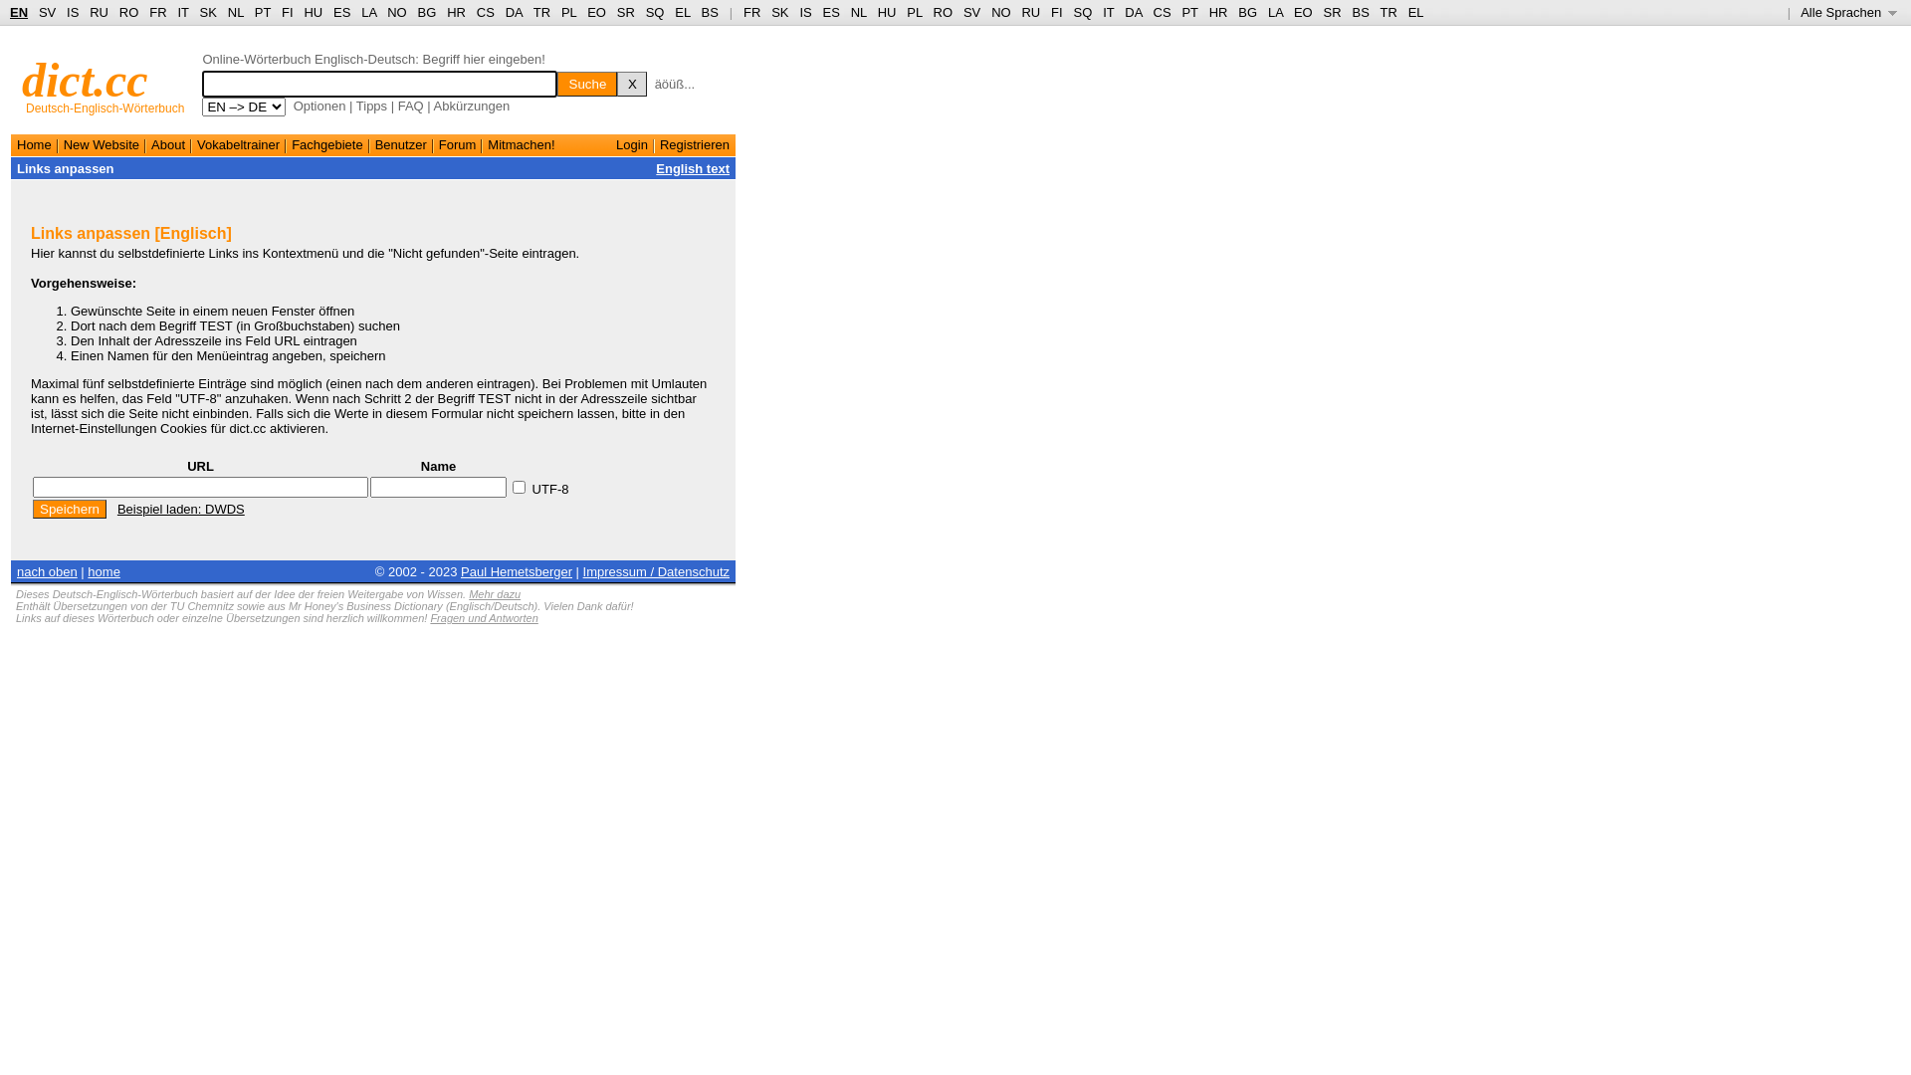 Image resolution: width=1911 pixels, height=1075 pixels. Describe the element at coordinates (743, 12) in the screenshot. I see `'FR'` at that location.